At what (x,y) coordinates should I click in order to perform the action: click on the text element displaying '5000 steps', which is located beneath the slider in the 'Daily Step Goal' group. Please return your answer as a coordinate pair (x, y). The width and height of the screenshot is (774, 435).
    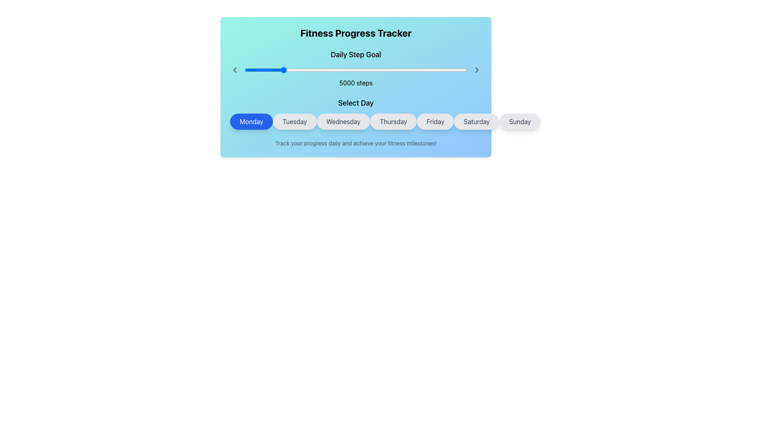
    Looking at the image, I should click on (356, 83).